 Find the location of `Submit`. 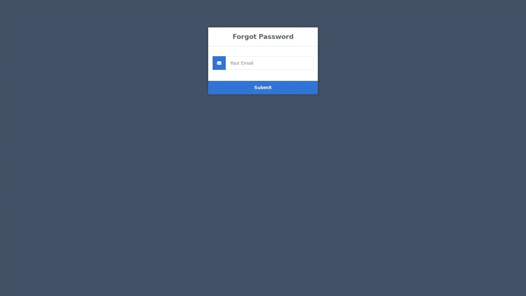

Submit is located at coordinates (263, 87).